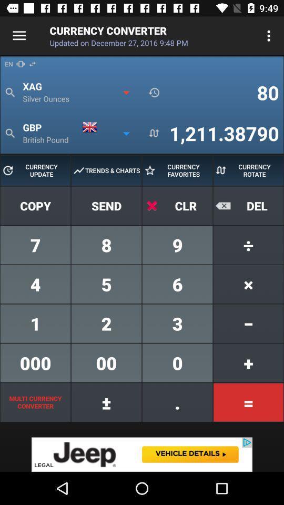  What do you see at coordinates (9, 92) in the screenshot?
I see `the search icon` at bounding box center [9, 92].